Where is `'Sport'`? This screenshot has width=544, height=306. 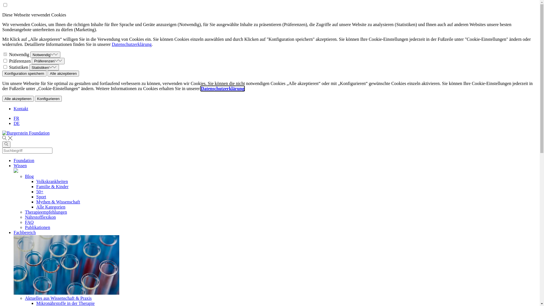
'Sport' is located at coordinates (41, 196).